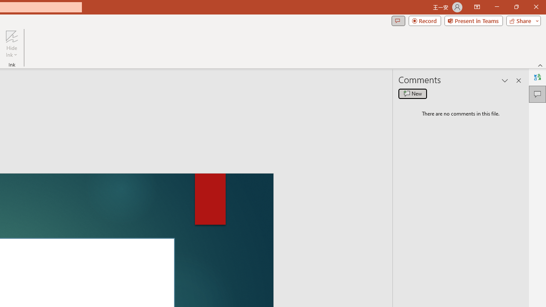 The height and width of the screenshot is (307, 546). What do you see at coordinates (530, 14) in the screenshot?
I see `'Close'` at bounding box center [530, 14].